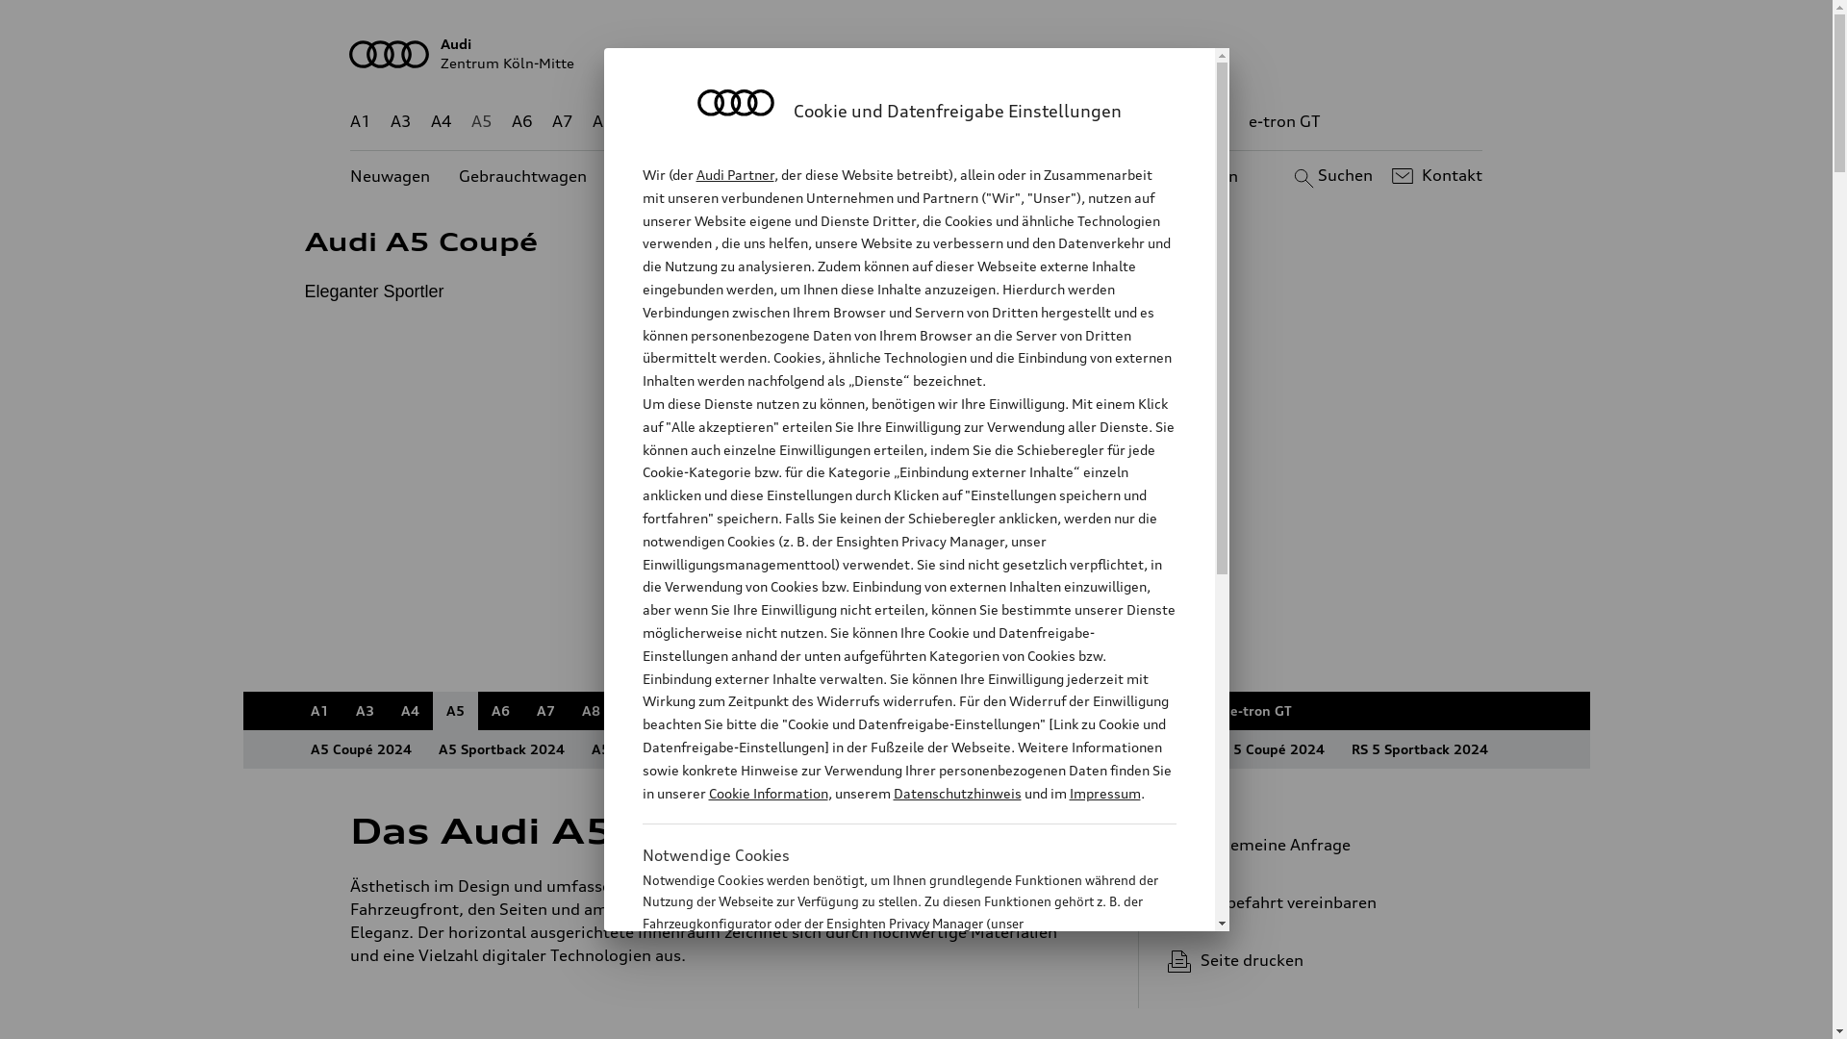 The height and width of the screenshot is (1039, 1847). I want to click on 'S5 Cabriolet 2024', so click(1126, 748).